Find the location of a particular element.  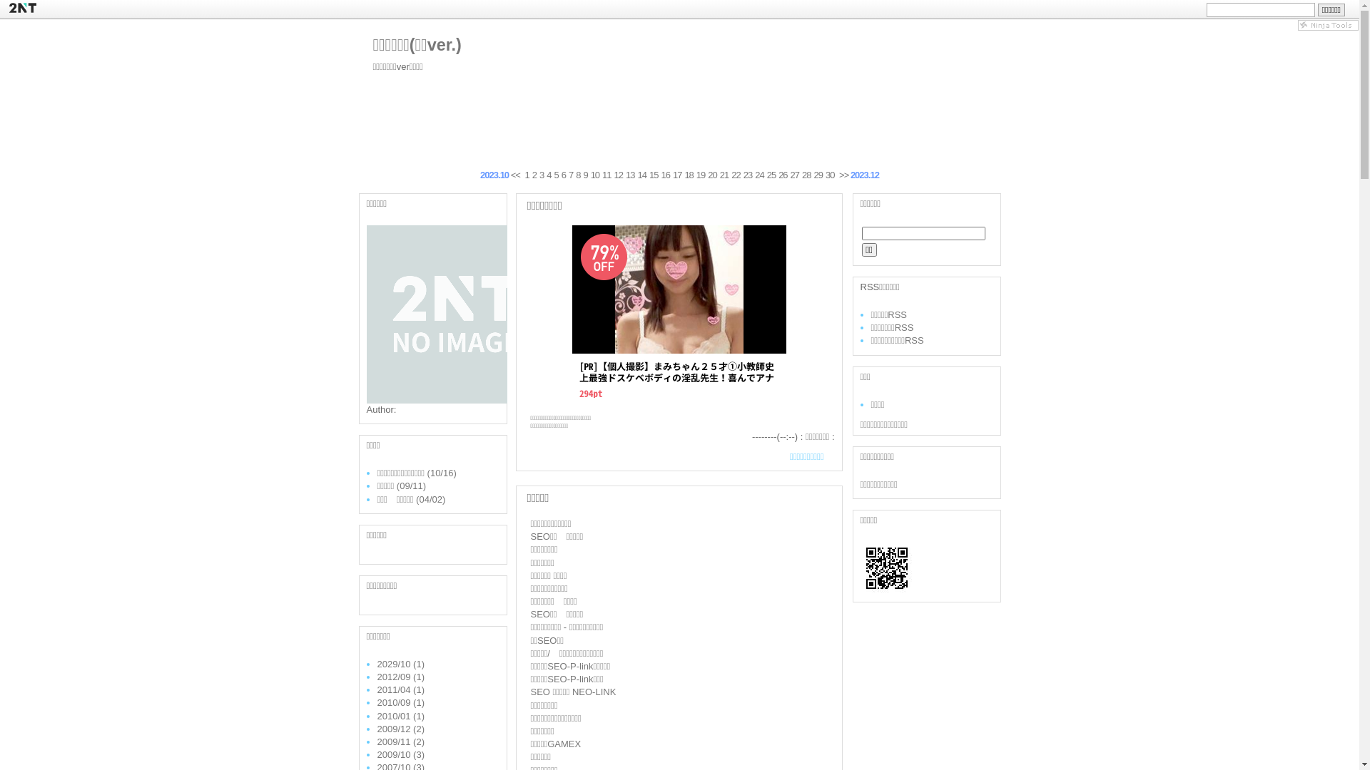

'2009/11 (2)' is located at coordinates (400, 741).